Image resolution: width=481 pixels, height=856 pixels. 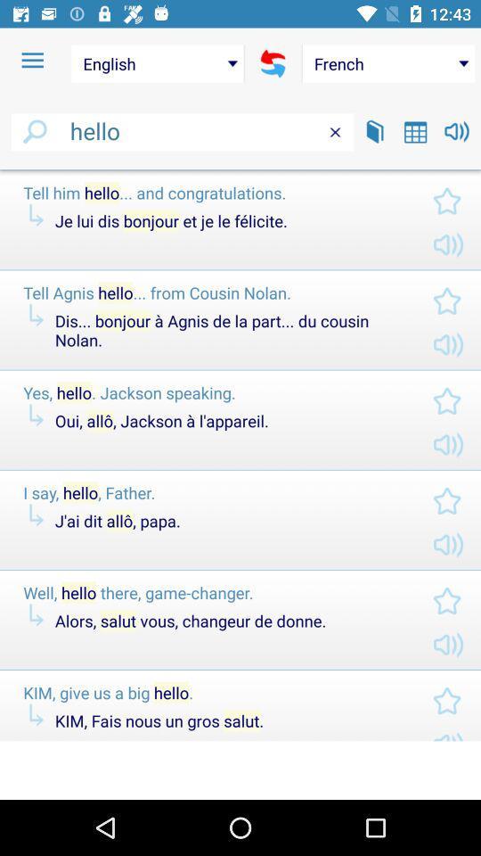 What do you see at coordinates (213, 492) in the screenshot?
I see `the i say hello` at bounding box center [213, 492].